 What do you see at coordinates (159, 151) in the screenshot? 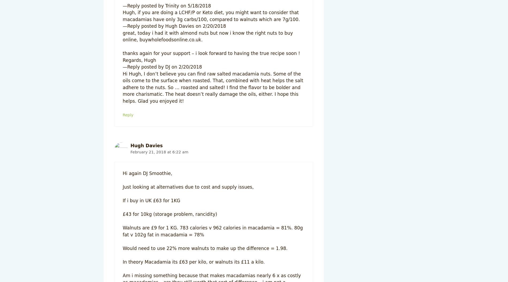
I see `'February 21, 2018 at 6:22 am'` at bounding box center [159, 151].